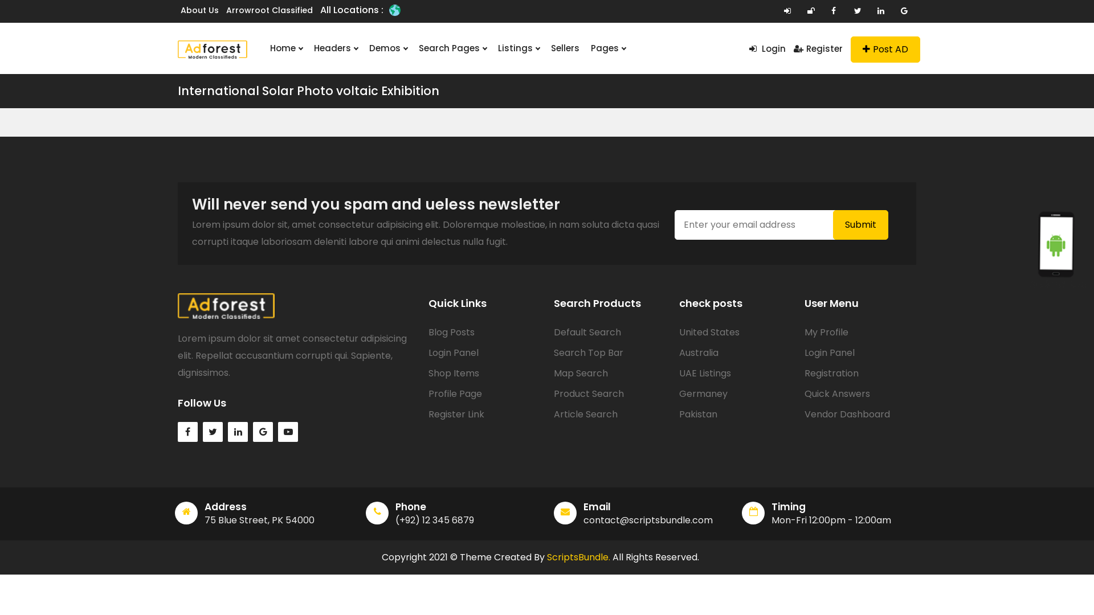 This screenshot has height=615, width=1094. I want to click on 'Shop Items', so click(453, 373).